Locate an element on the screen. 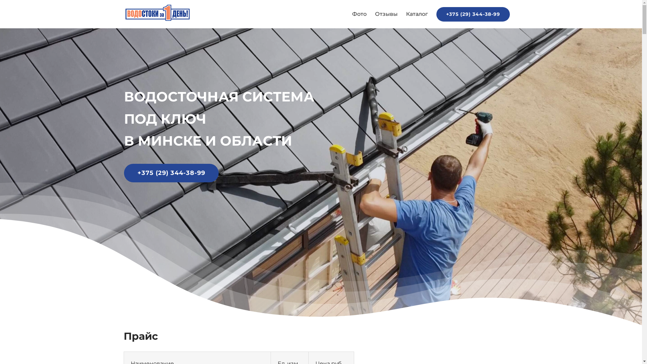 This screenshot has width=647, height=364. '+375 (29) 344-38-99' is located at coordinates (472, 14).